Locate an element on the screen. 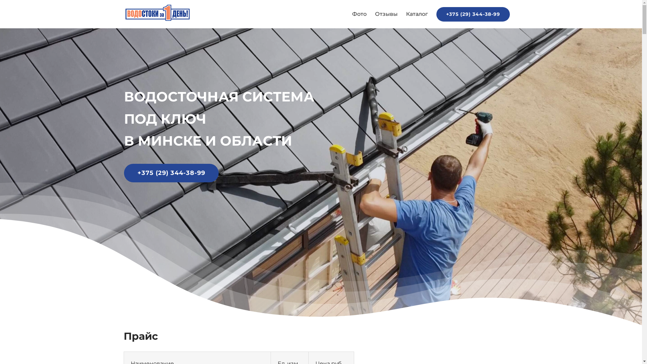 This screenshot has width=647, height=364. '+375 (29) 344-38-99' is located at coordinates (472, 14).